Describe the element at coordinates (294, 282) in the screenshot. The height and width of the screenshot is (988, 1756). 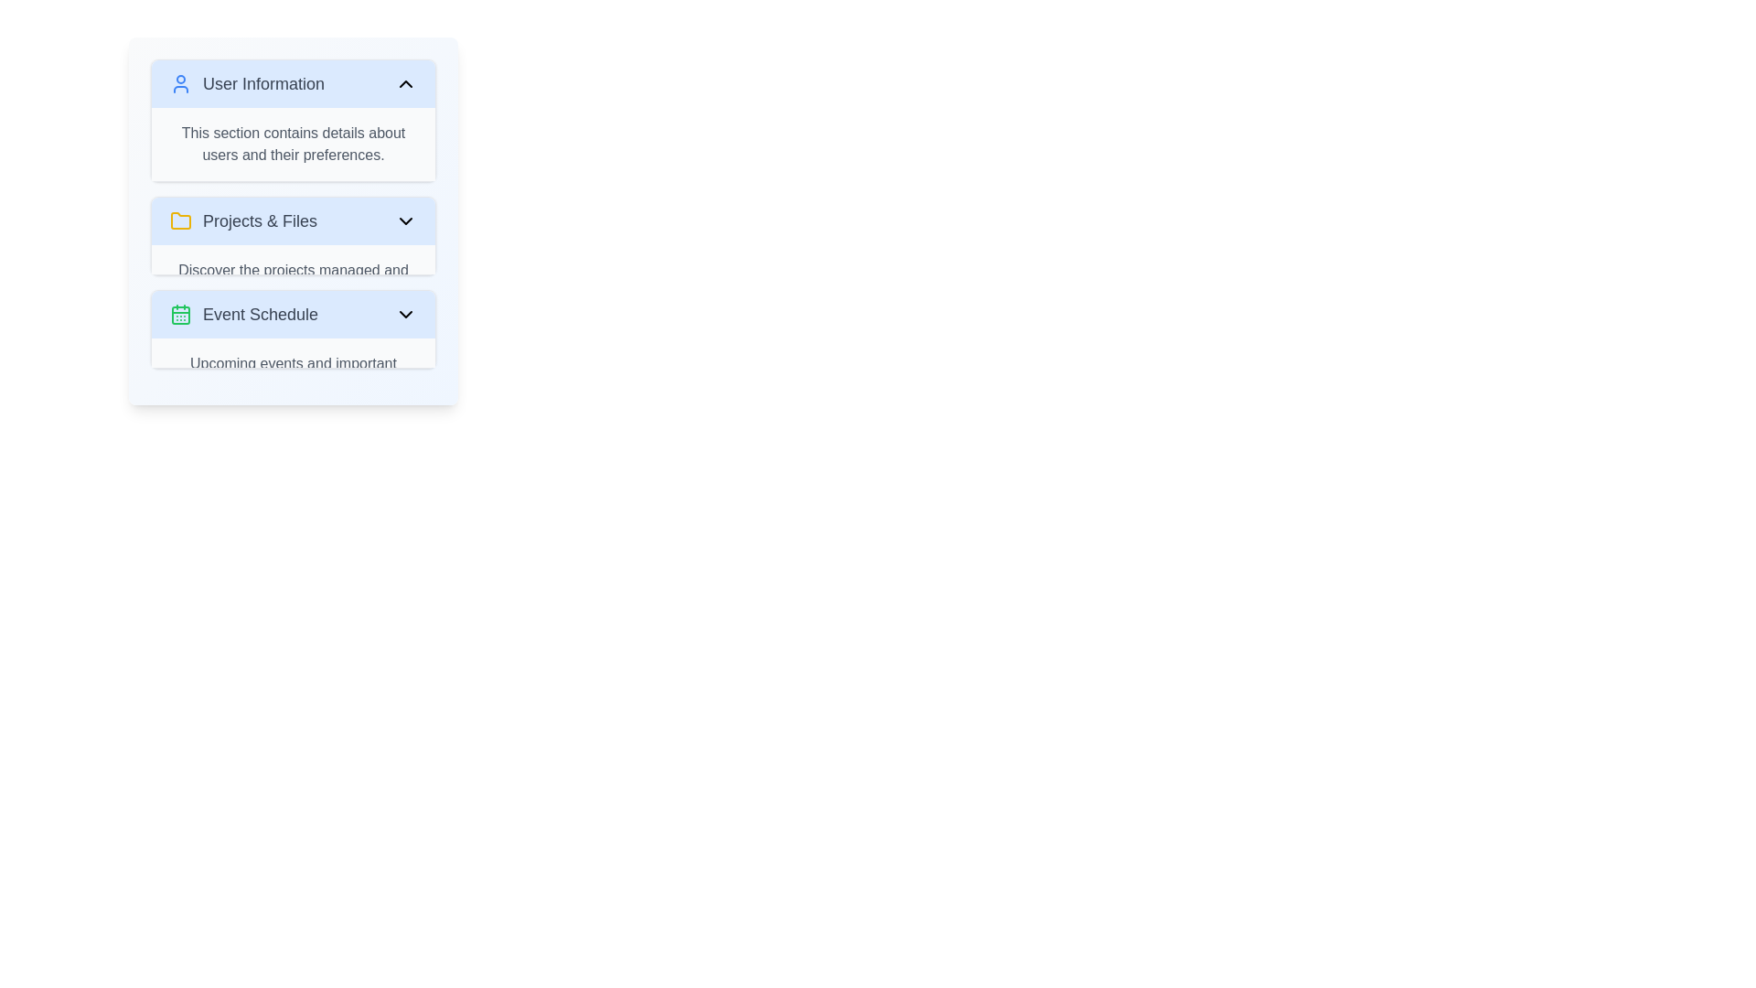
I see `the static text displaying 'Discover the projects managed and associated files here.' located in the 'Projects & Files' section, positioned below the section header` at that location.